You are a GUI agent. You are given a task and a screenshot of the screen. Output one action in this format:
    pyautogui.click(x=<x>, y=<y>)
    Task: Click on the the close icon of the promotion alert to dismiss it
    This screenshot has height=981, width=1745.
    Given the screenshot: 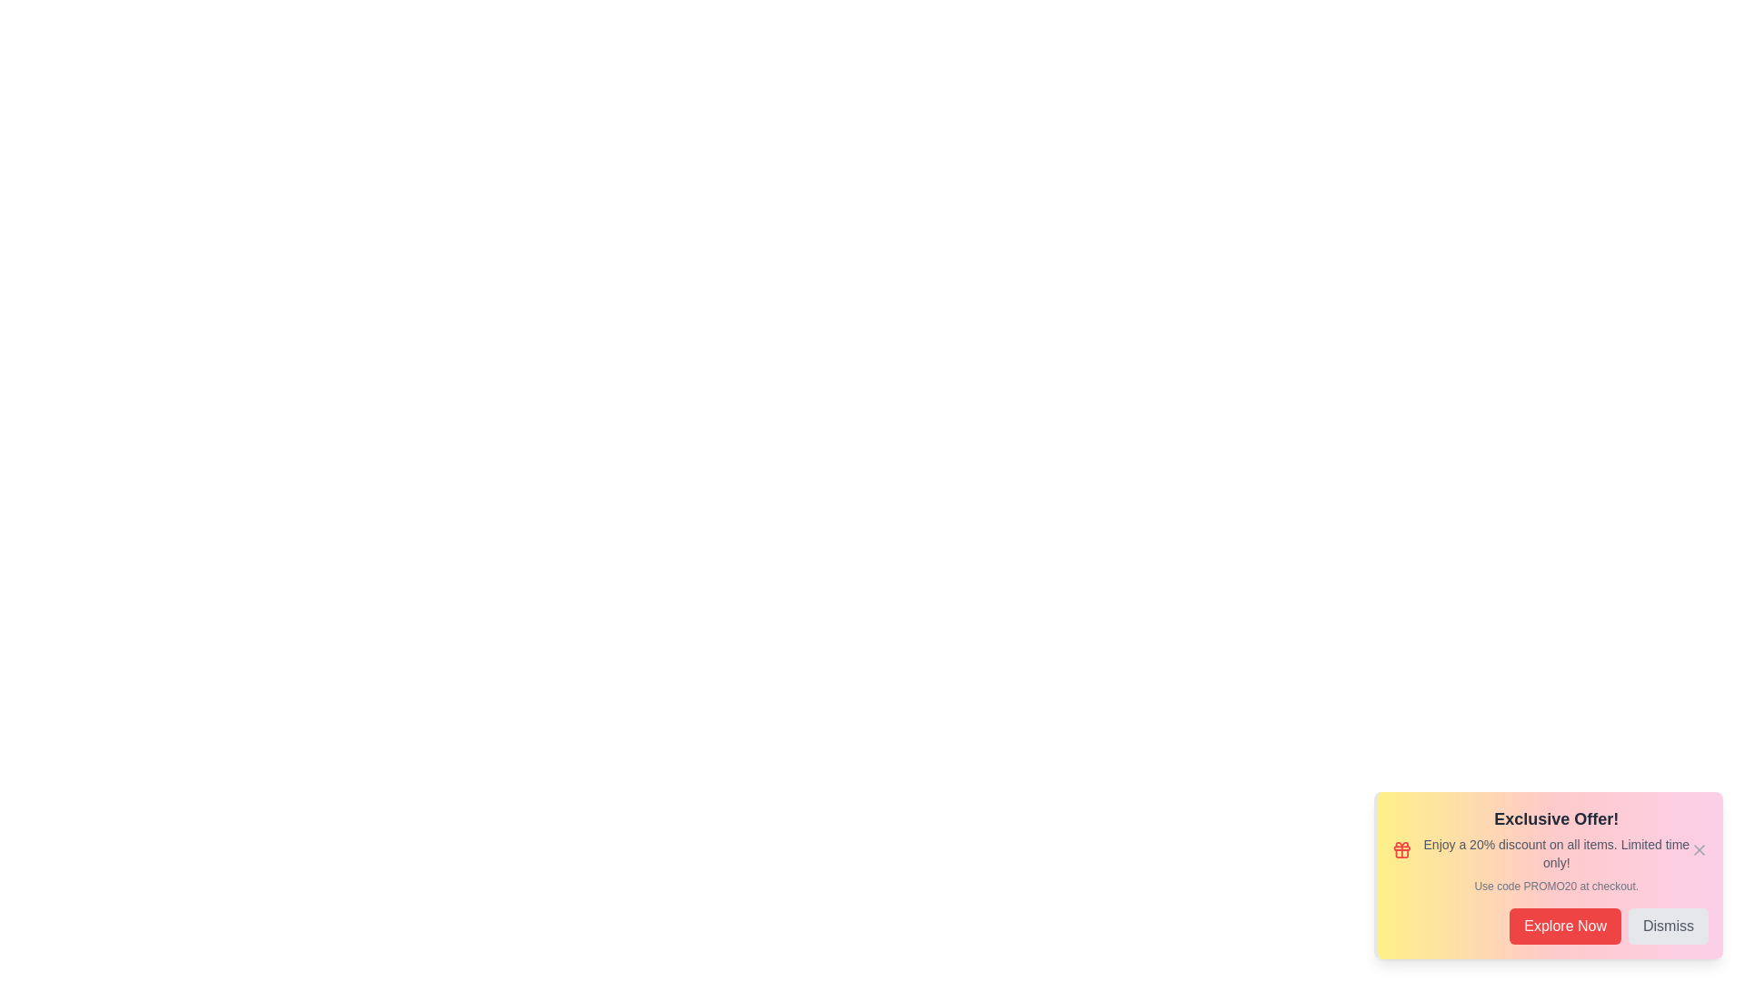 What is the action you would take?
    pyautogui.click(x=1699, y=850)
    